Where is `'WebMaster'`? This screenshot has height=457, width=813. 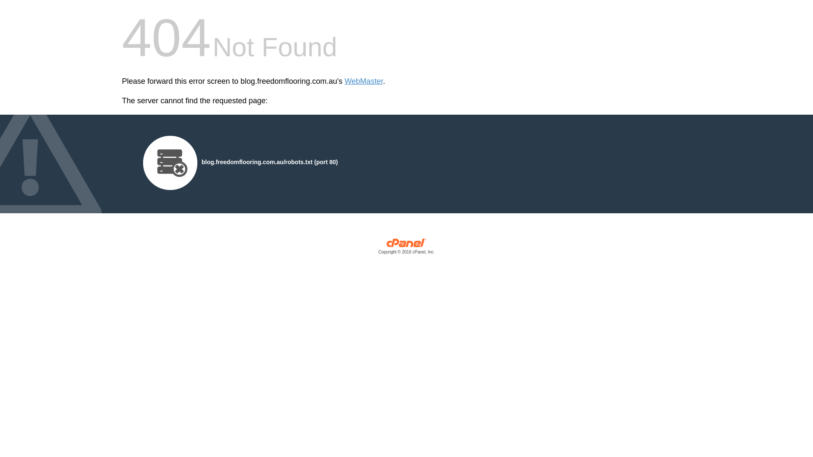 'WebMaster' is located at coordinates (364, 81).